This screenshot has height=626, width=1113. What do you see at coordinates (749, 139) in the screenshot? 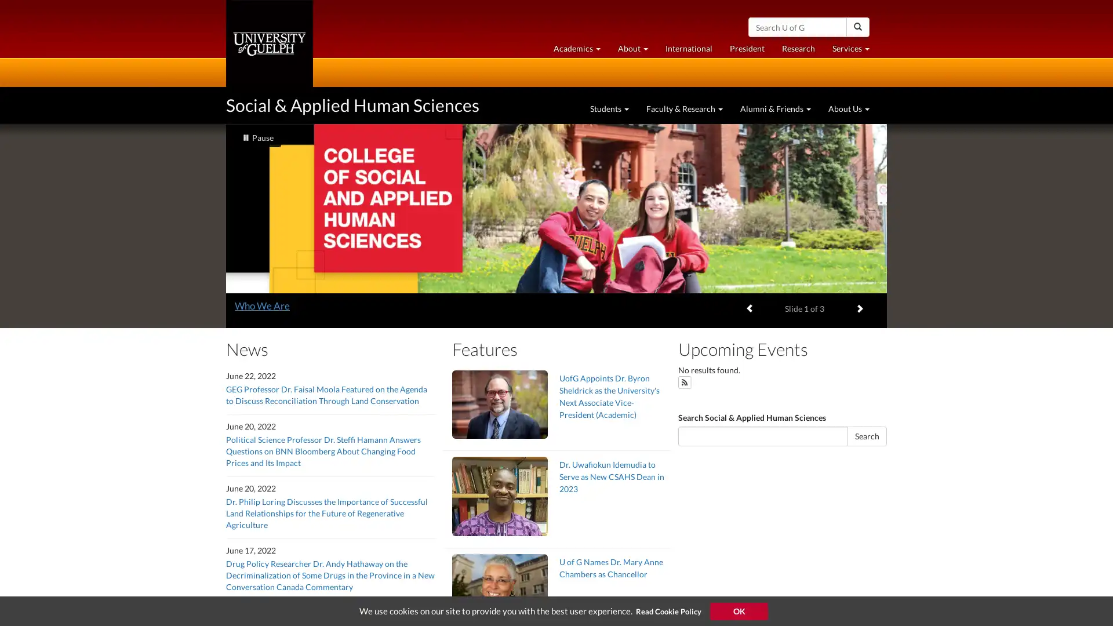
I see `Previous item` at bounding box center [749, 139].